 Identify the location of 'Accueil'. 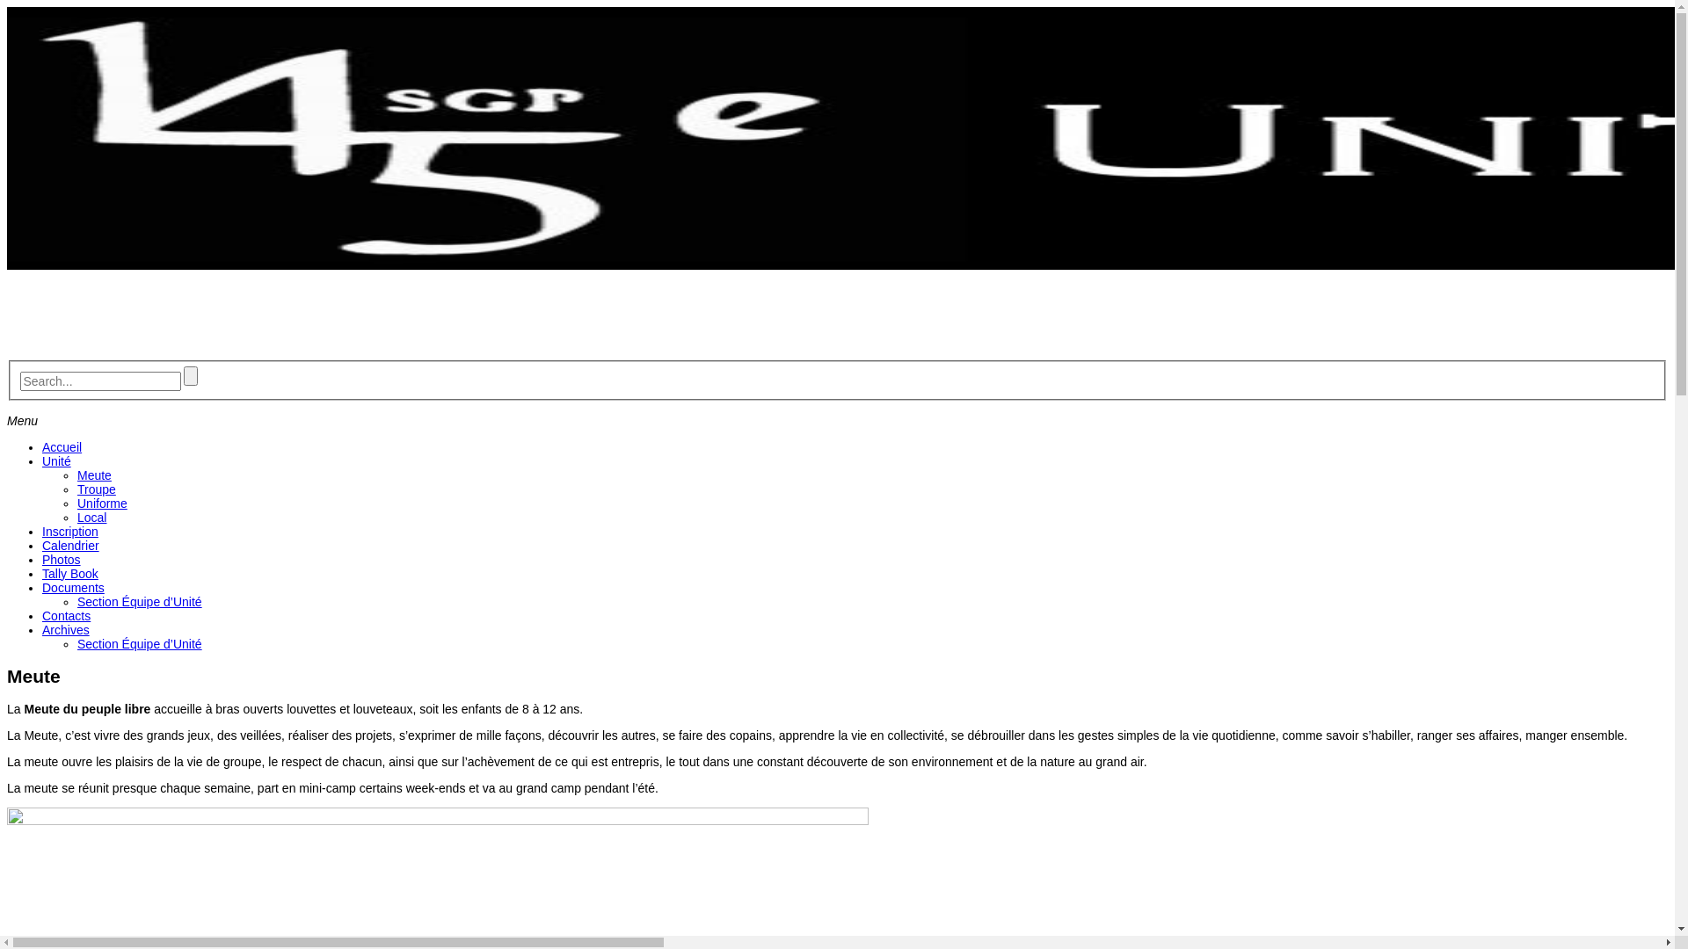
(62, 446).